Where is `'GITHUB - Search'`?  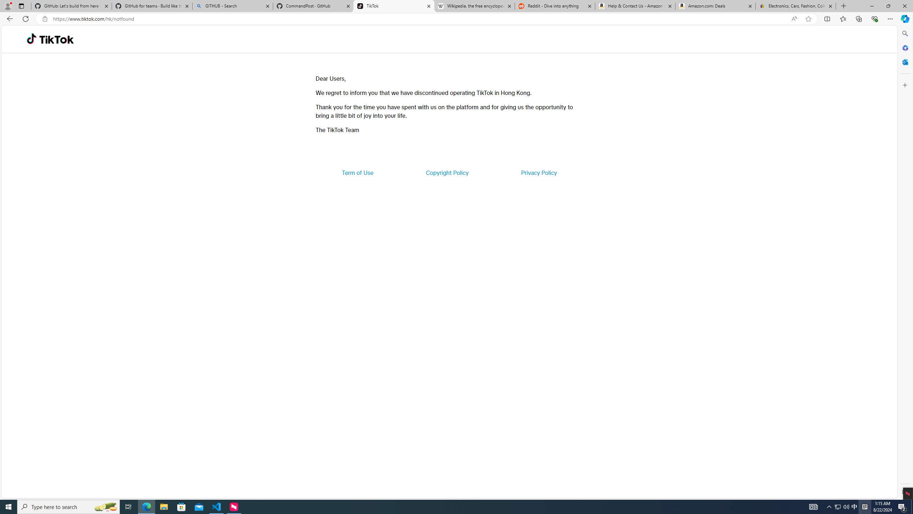 'GITHUB - Search' is located at coordinates (232, 6).